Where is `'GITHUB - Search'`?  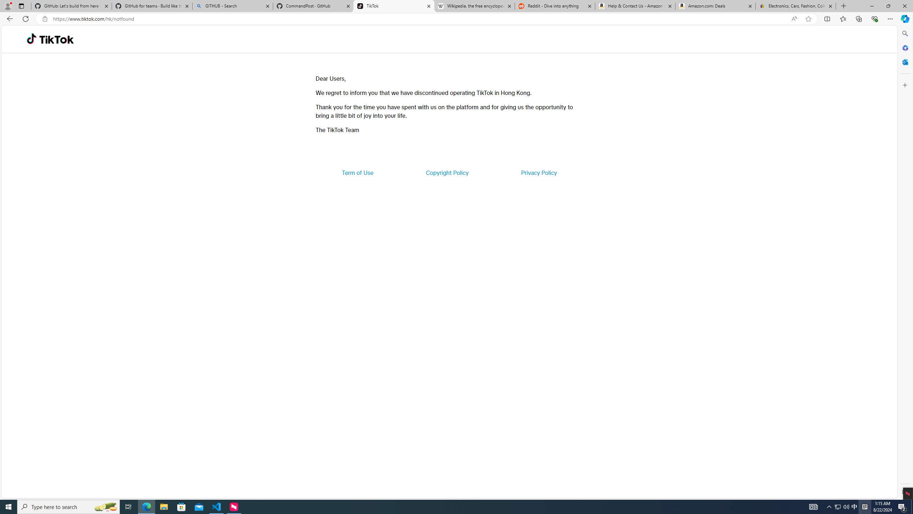 'GITHUB - Search' is located at coordinates (232, 6).